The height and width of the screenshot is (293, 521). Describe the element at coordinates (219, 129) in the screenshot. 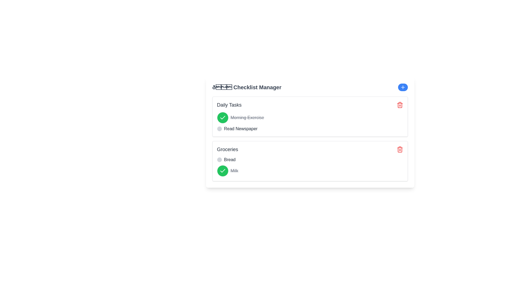

I see `the circular button on the left of the 'Read Newspaper' label` at that location.